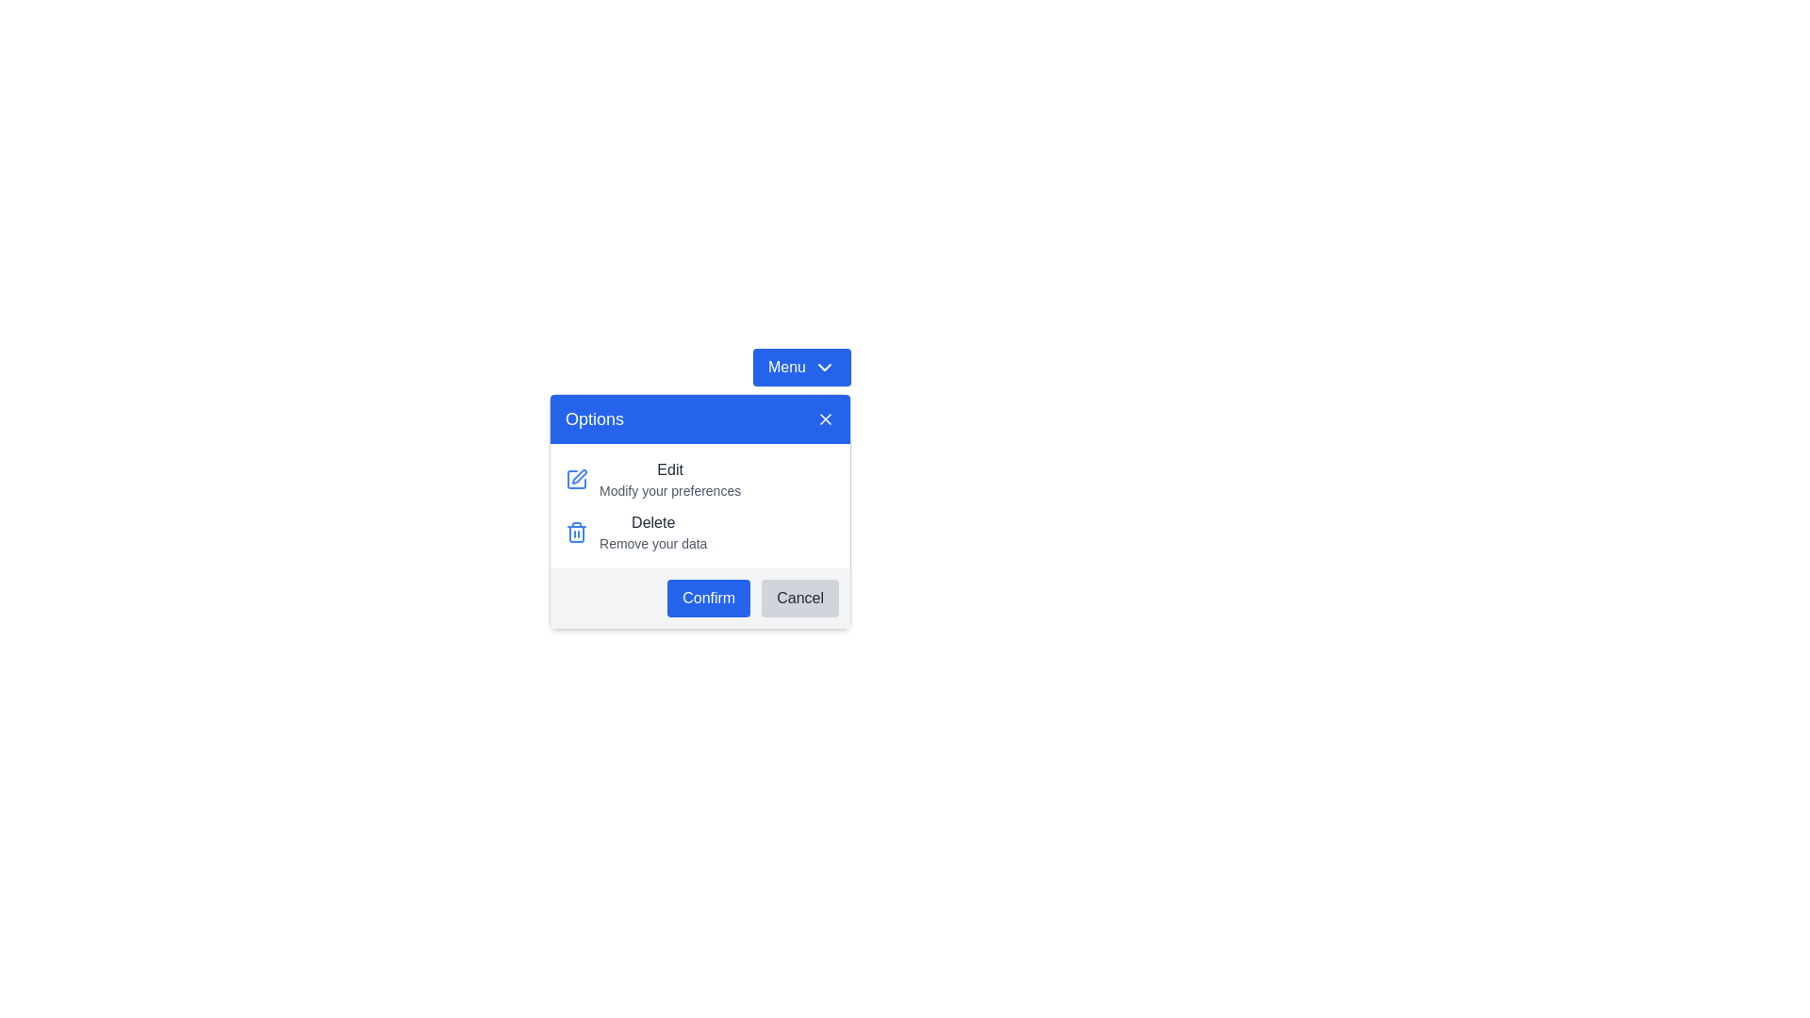  I want to click on the header text label in the 'Options' pop-up modal that indicates the action related to deleting data, so click(652, 523).